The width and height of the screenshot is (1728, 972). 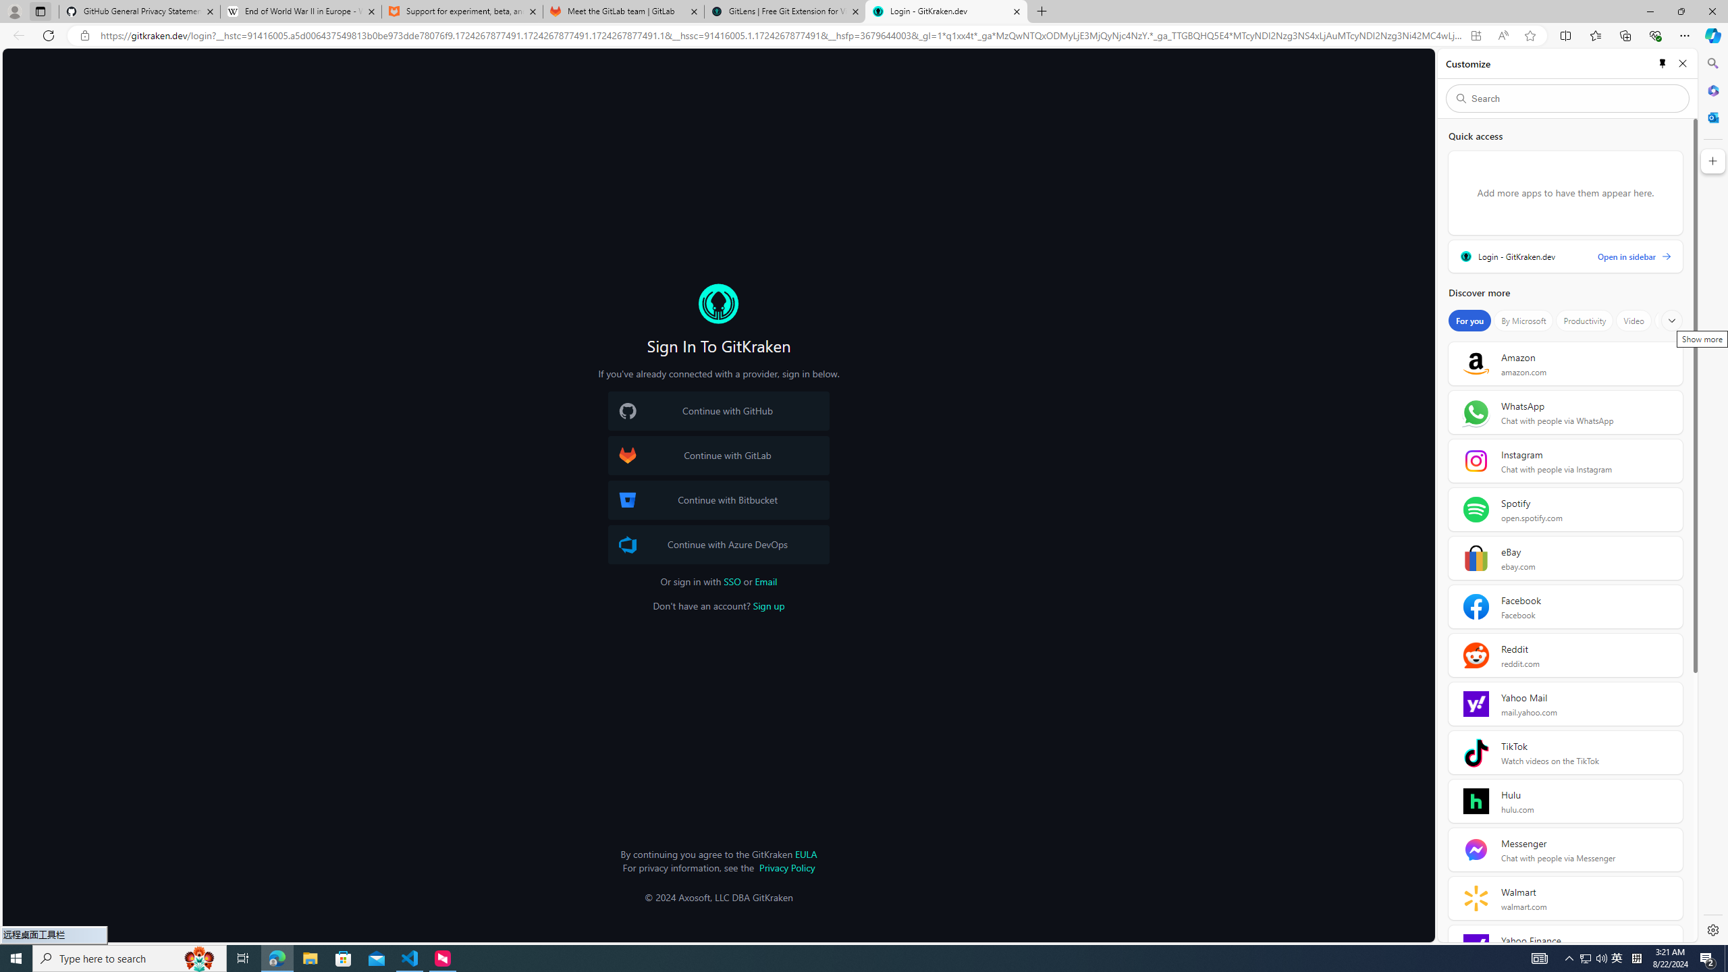 What do you see at coordinates (627, 455) in the screenshot?
I see `'GitLab Logo'` at bounding box center [627, 455].